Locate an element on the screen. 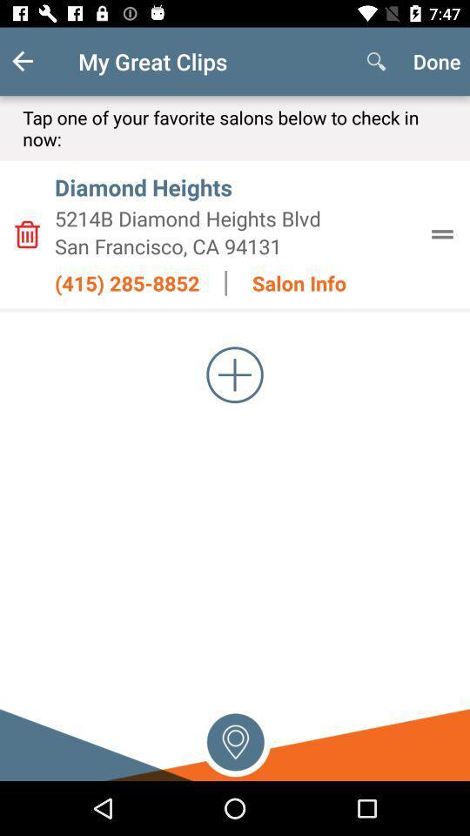 The width and height of the screenshot is (470, 836). the salon info item is located at coordinates (299, 283).